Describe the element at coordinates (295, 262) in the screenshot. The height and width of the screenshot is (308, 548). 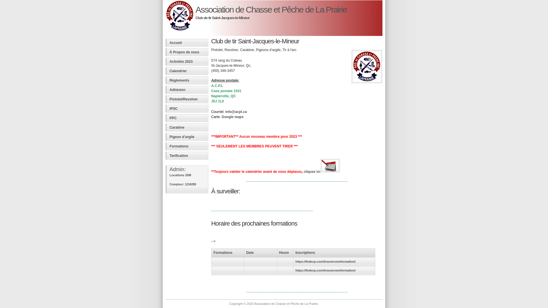
I see `'https://fedecp.com/trouveruneformation/'` at that location.